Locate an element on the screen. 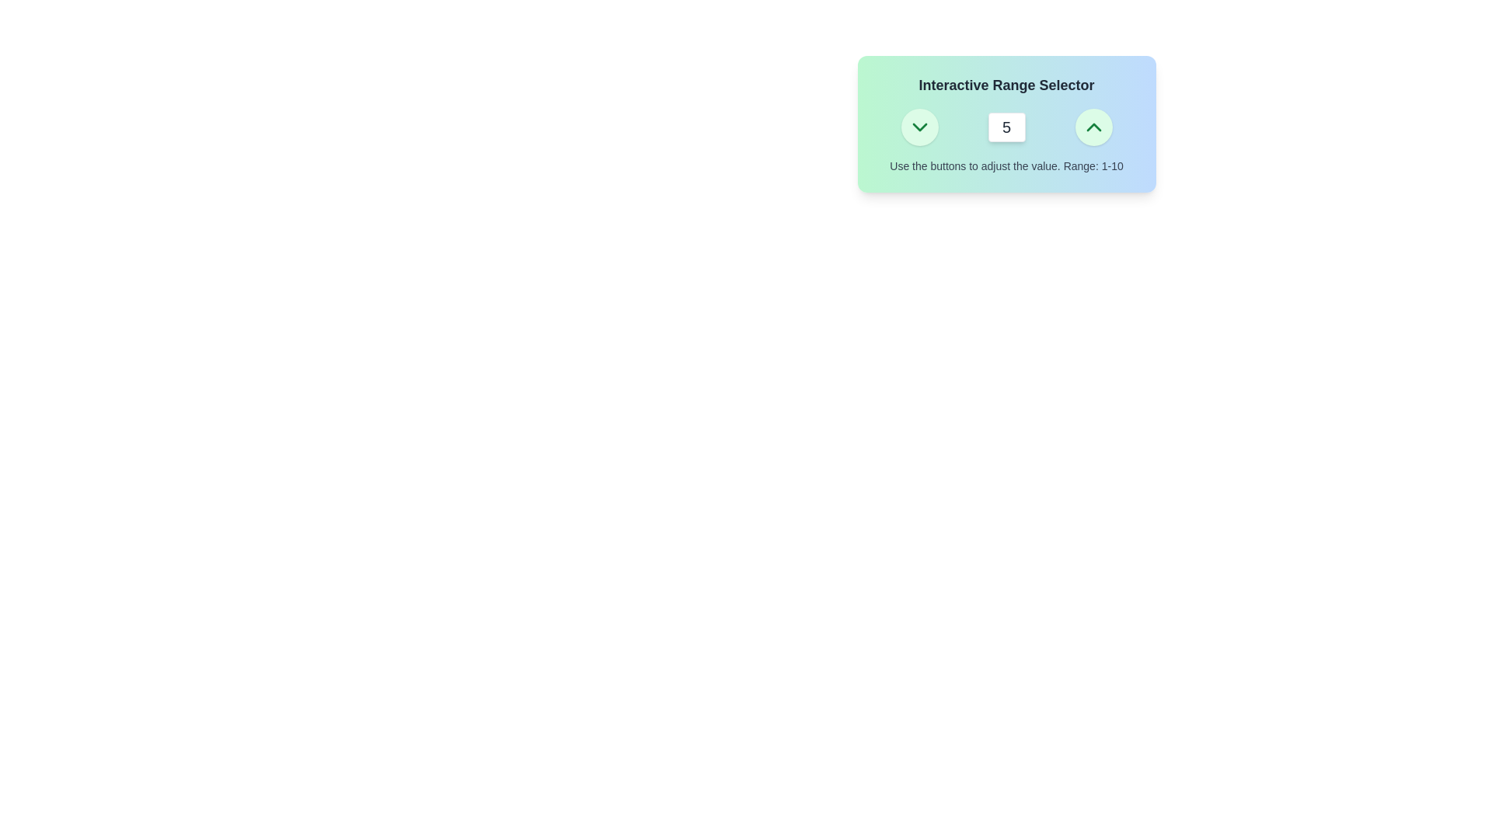 The height and width of the screenshot is (839, 1492). the circular green button with a downward-pointing chevron icon is located at coordinates (919, 127).